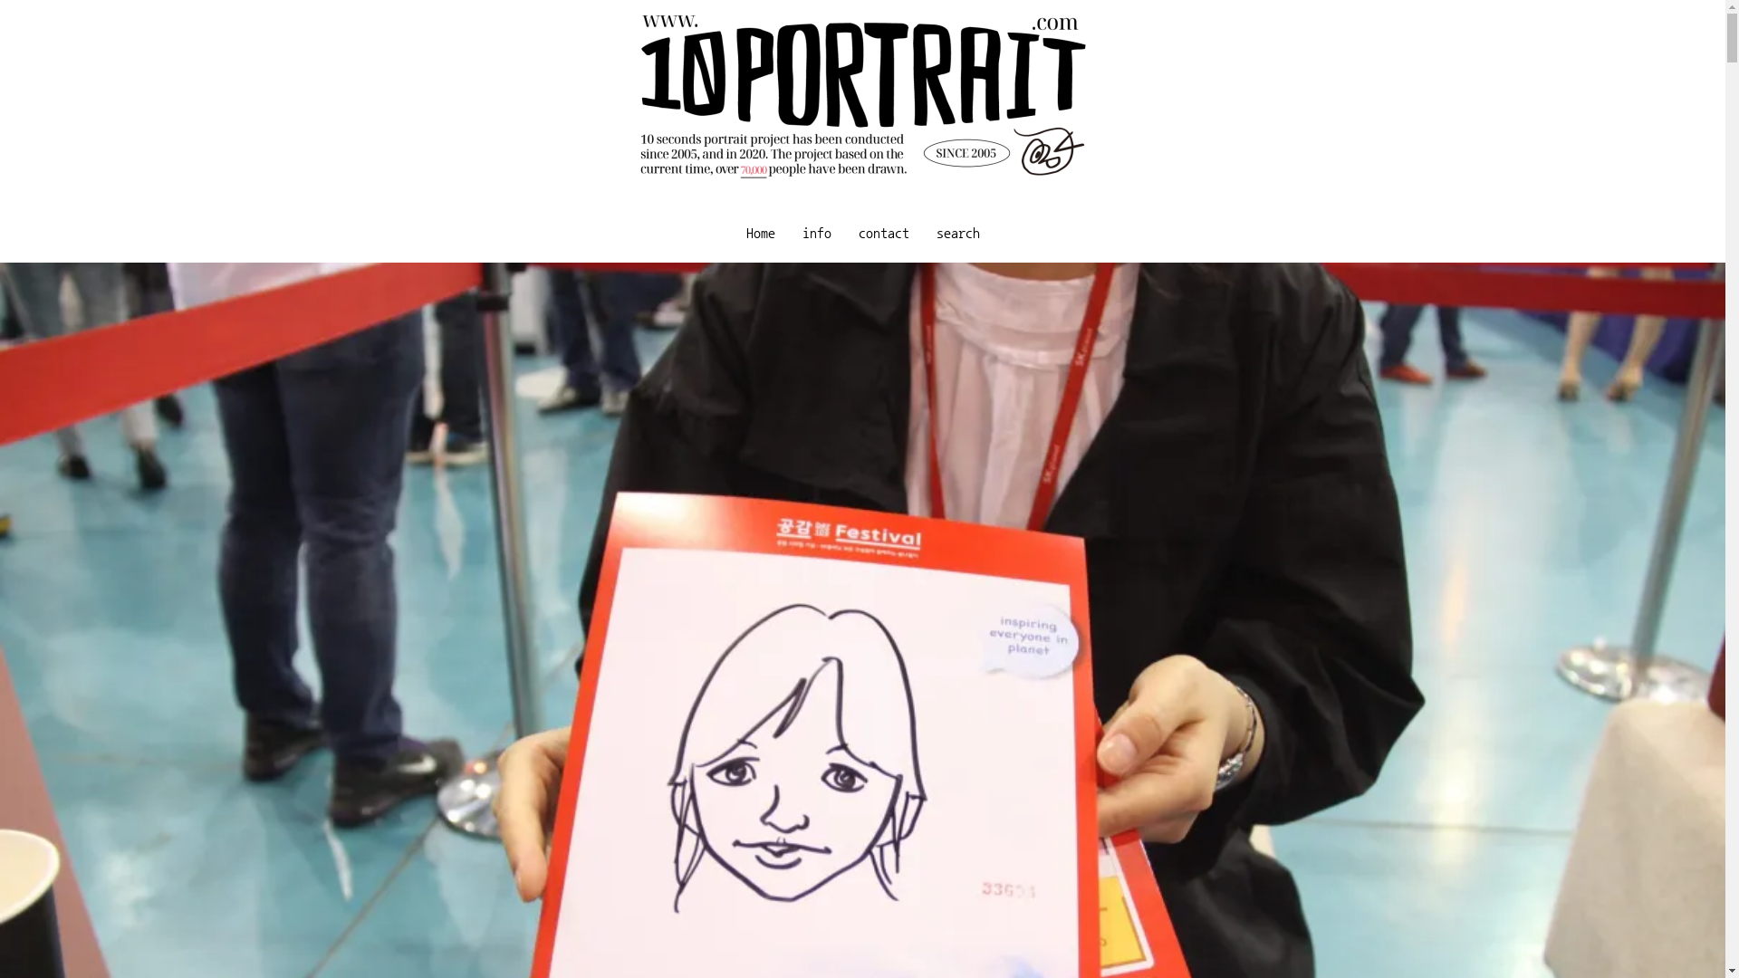 This screenshot has height=978, width=1739. Describe the element at coordinates (787, 232) in the screenshot. I see `'info'` at that location.